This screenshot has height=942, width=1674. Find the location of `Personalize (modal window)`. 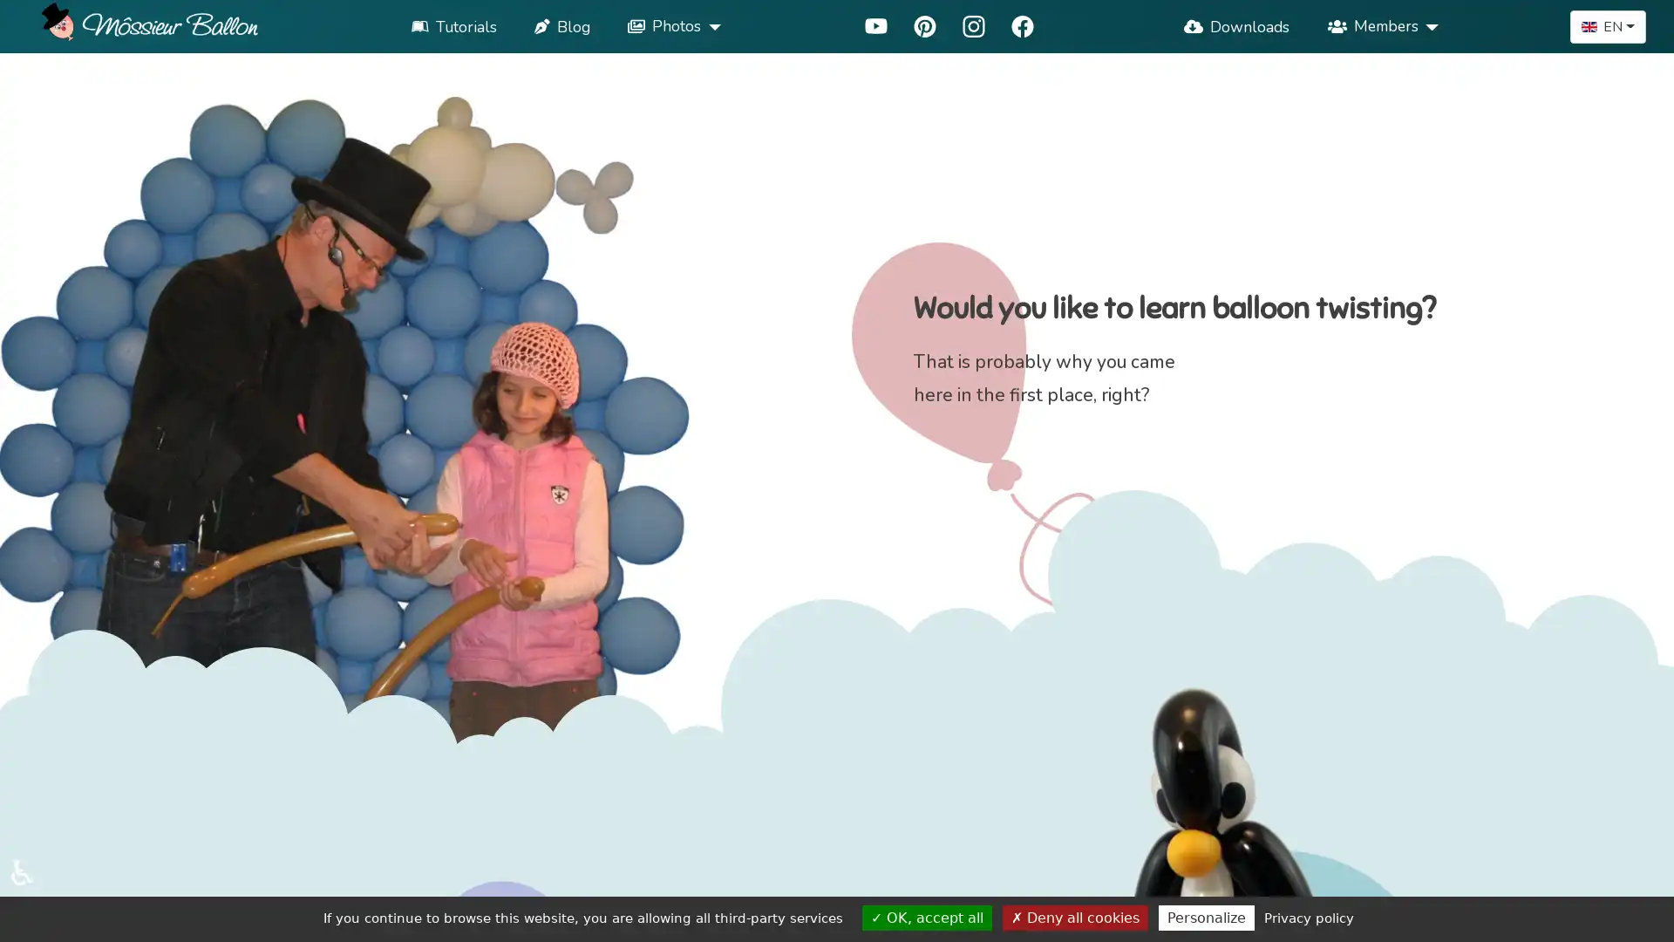

Personalize (modal window) is located at coordinates (1205, 917).